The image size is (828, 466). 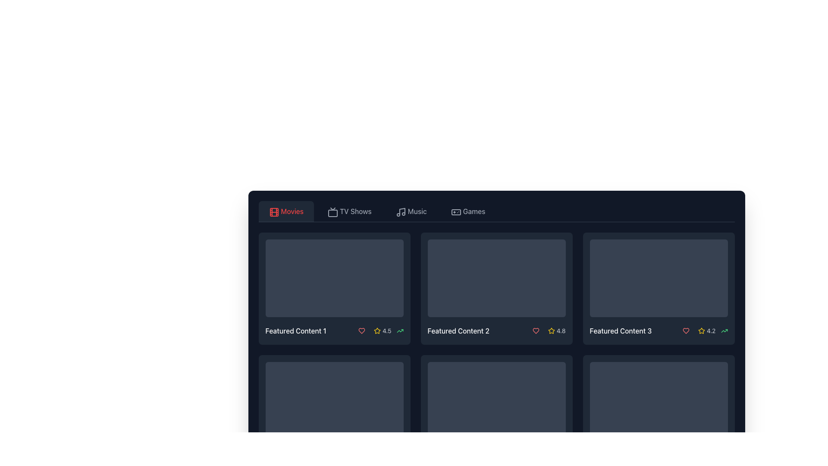 I want to click on the star icon associated with the numeric rating under the second content card in the featured section, so click(x=547, y=331).